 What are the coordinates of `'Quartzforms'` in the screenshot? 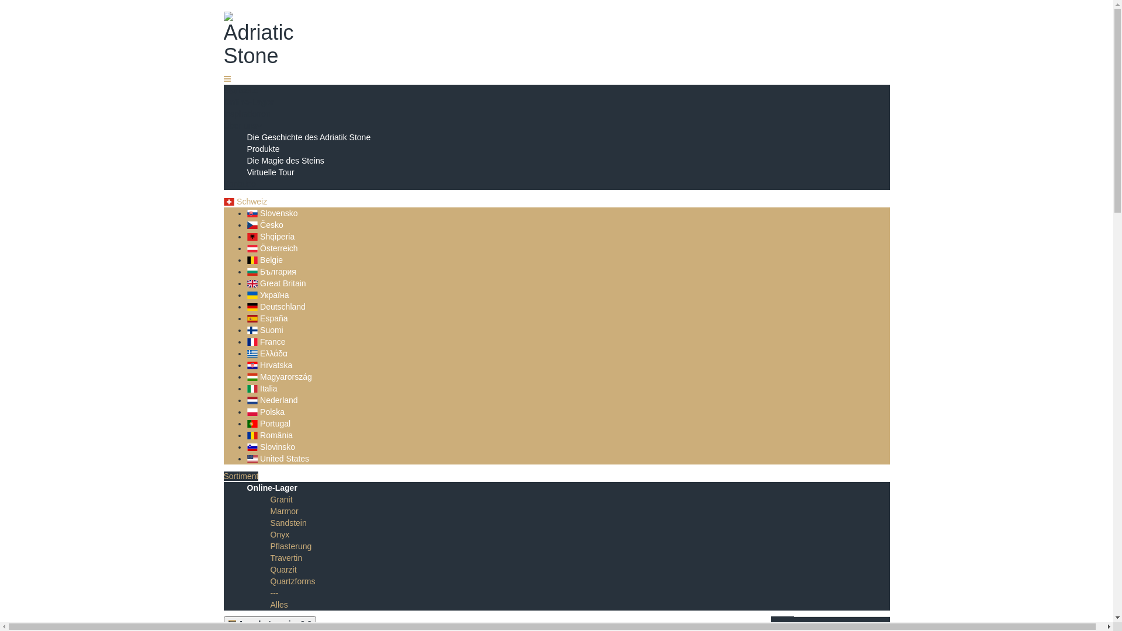 It's located at (292, 581).